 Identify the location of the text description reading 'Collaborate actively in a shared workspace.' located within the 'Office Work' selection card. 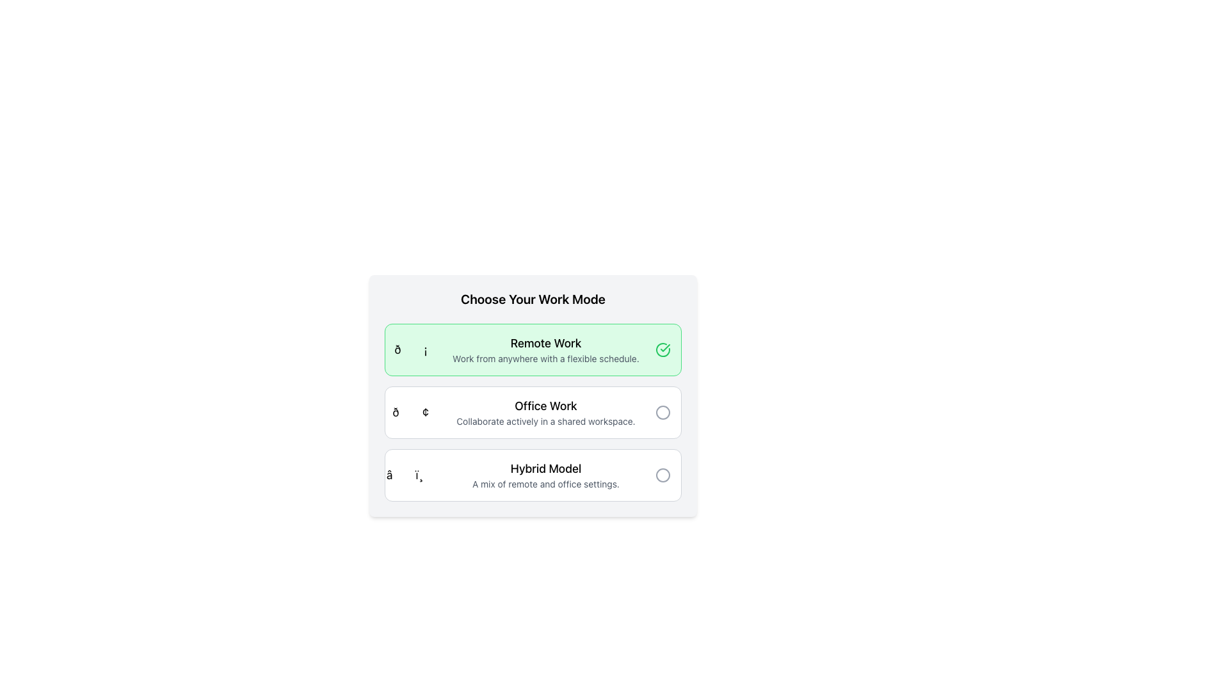
(546, 422).